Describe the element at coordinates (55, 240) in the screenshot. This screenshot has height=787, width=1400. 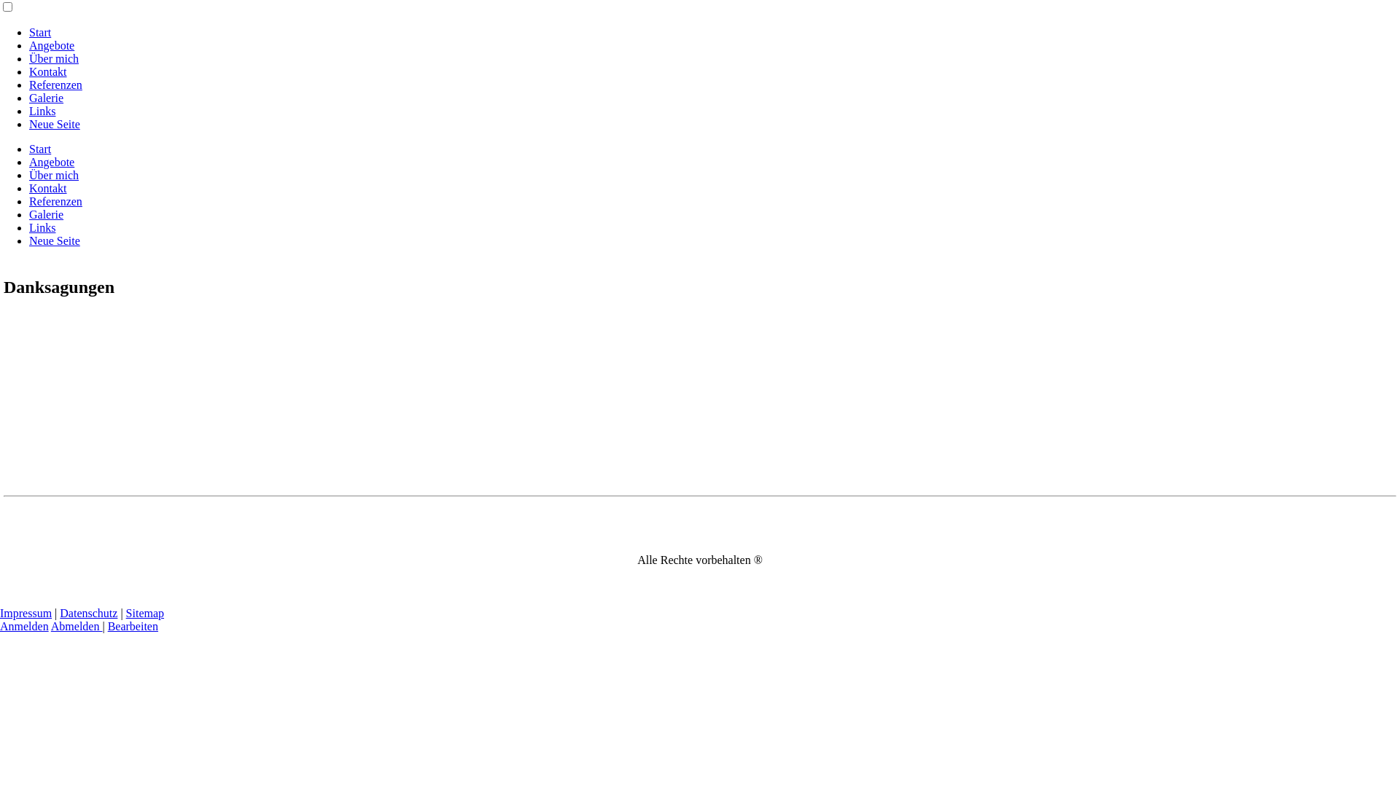
I see `'Neue Seite'` at that location.